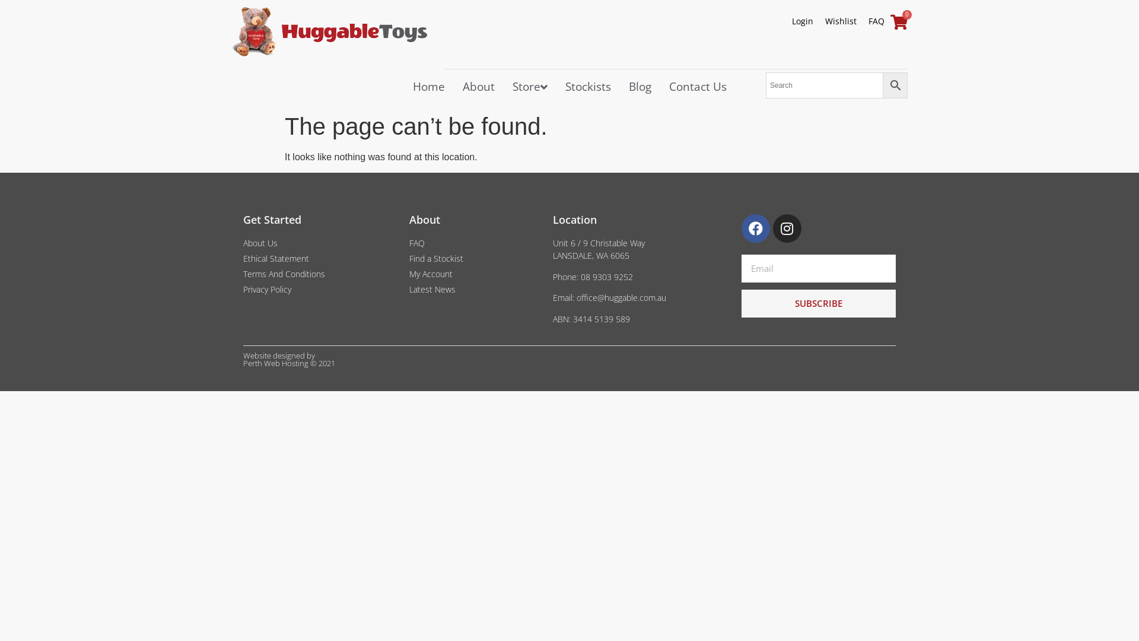 This screenshot has width=1139, height=641. Describe the element at coordinates (606, 277) in the screenshot. I see `'08 9303 9252'` at that location.